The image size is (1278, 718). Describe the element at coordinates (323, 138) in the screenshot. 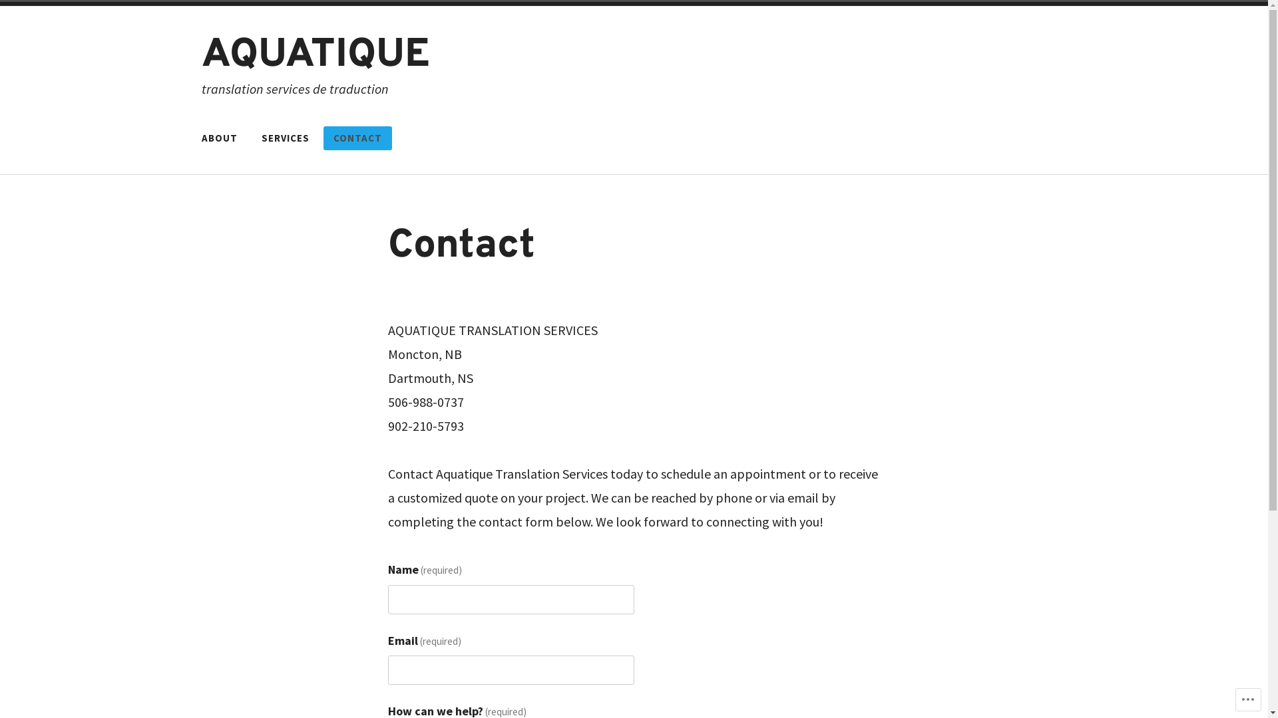

I see `'CONTACT'` at that location.